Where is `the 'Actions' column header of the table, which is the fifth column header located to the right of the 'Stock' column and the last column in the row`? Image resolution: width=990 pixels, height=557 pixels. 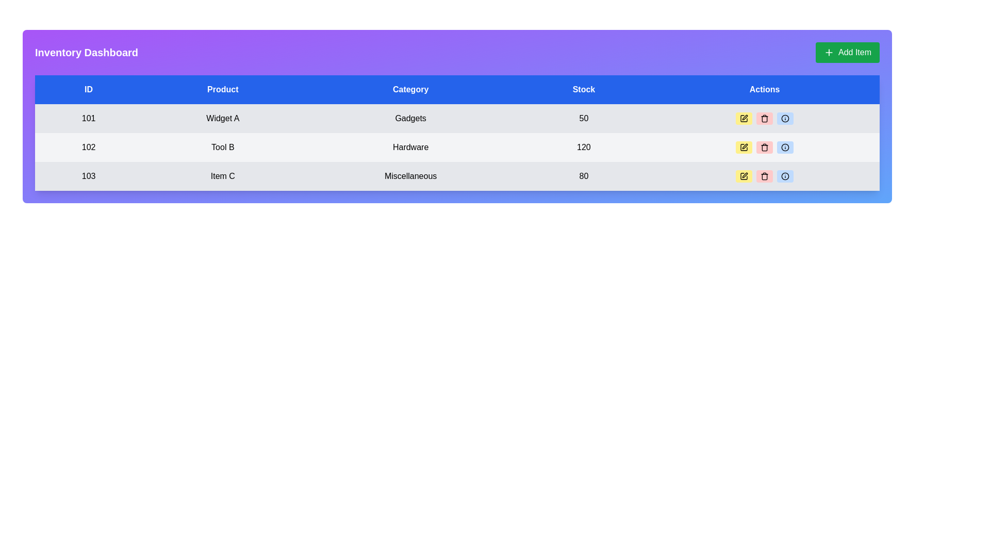
the 'Actions' column header of the table, which is the fifth column header located to the right of the 'Stock' column and the last column in the row is located at coordinates (765, 89).